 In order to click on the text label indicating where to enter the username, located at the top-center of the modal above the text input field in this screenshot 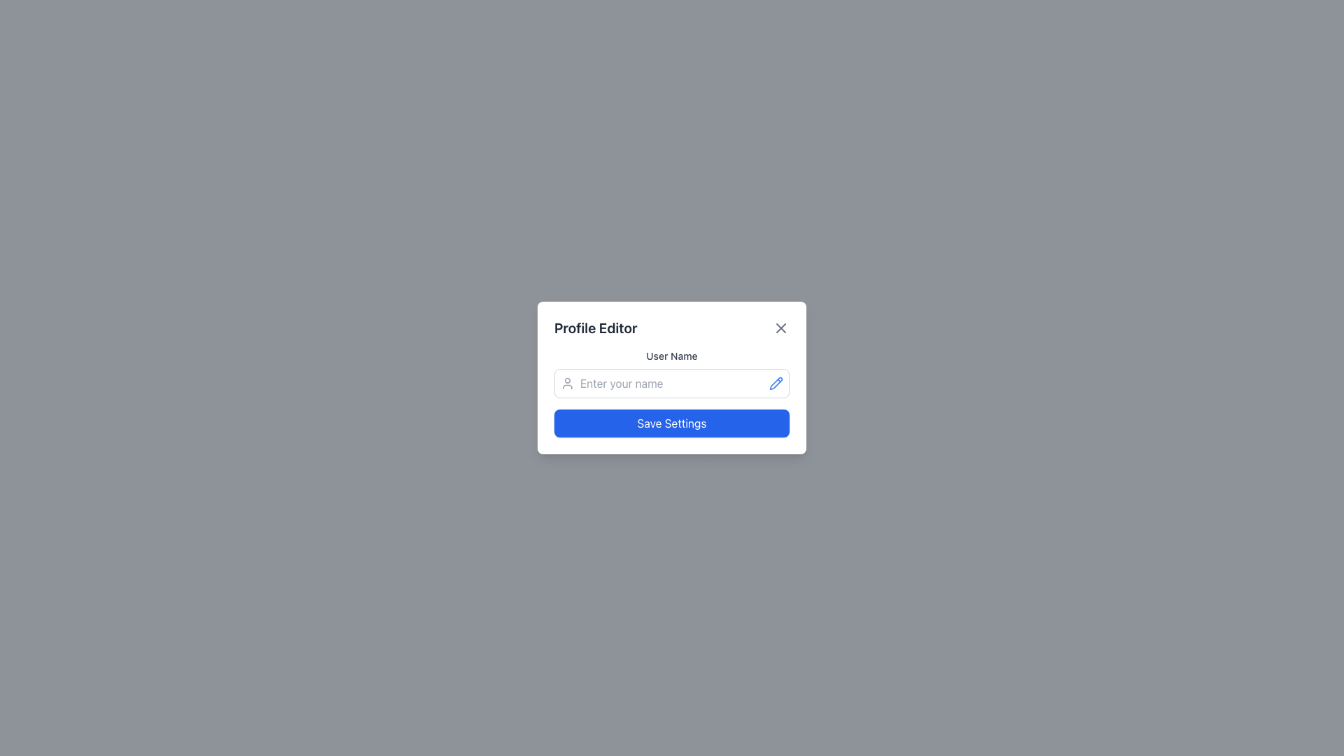, I will do `click(672, 356)`.